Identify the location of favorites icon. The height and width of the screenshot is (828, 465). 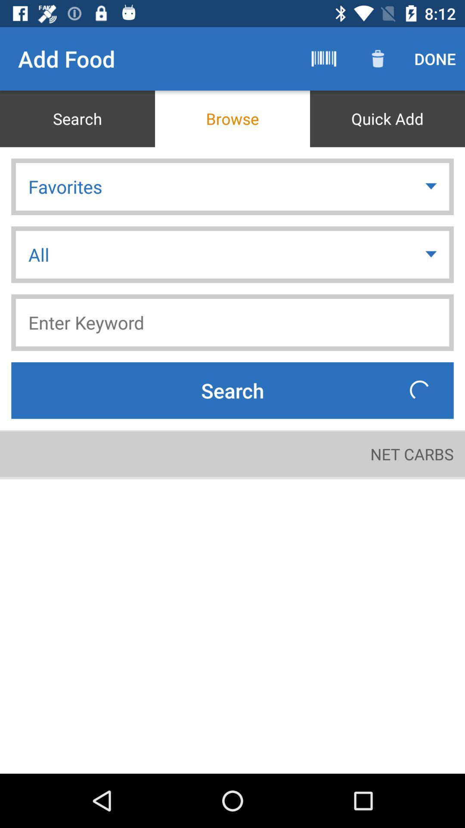
(232, 186).